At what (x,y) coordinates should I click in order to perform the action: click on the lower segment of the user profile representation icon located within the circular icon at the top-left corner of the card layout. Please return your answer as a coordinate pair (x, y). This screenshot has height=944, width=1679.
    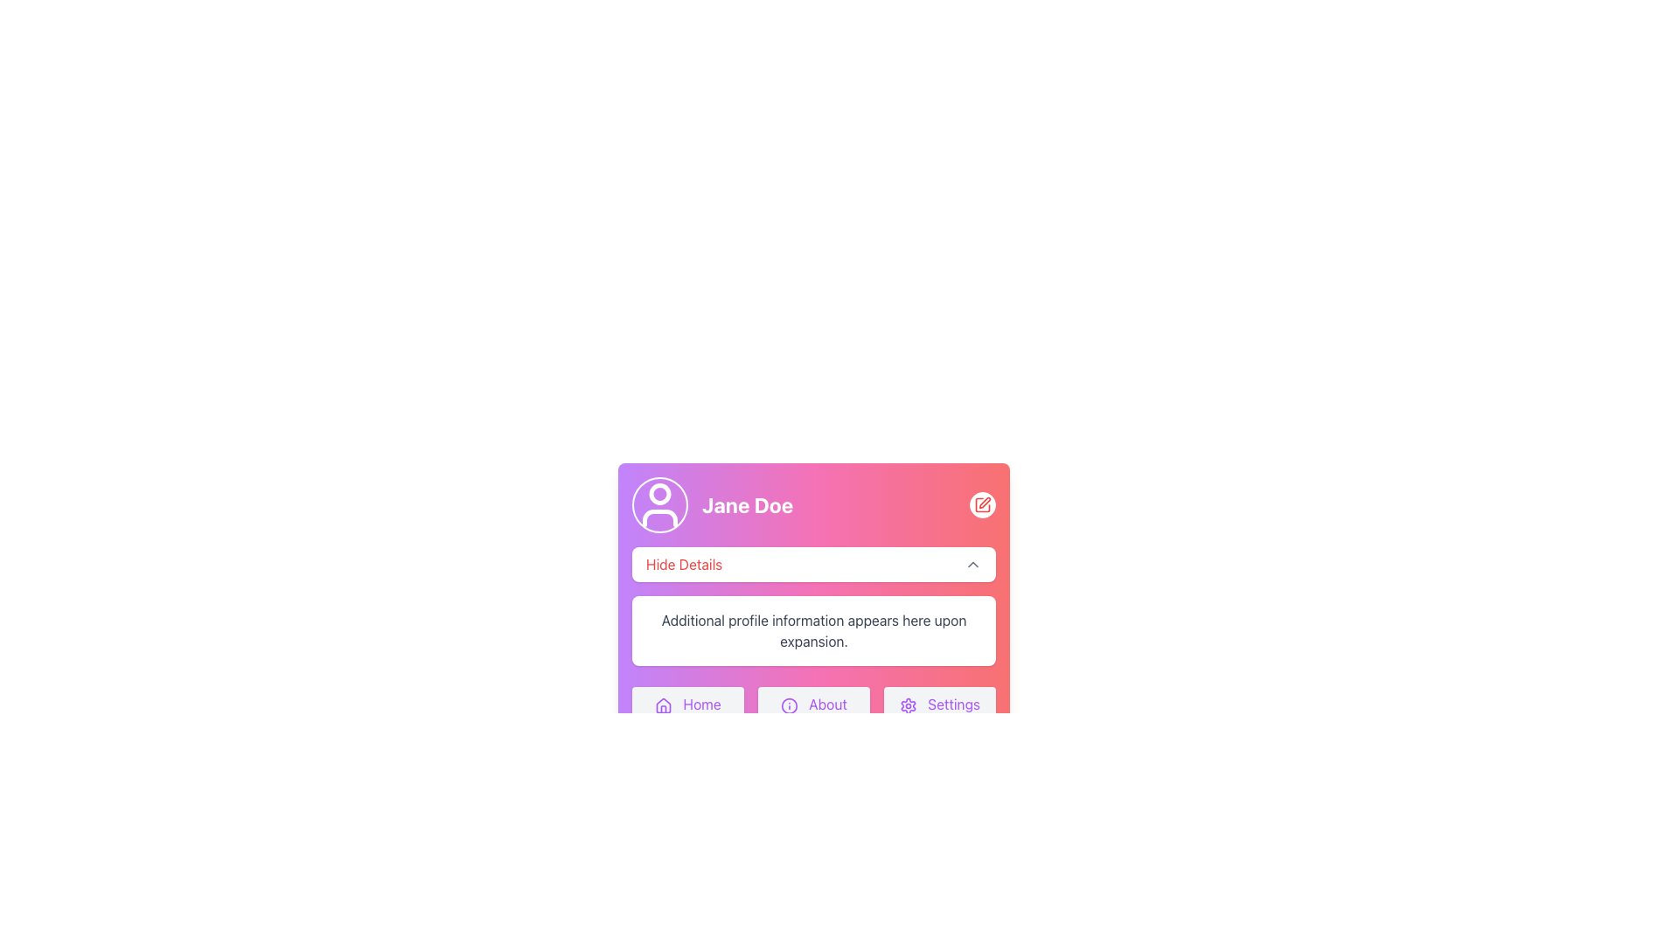
    Looking at the image, I should click on (658, 517).